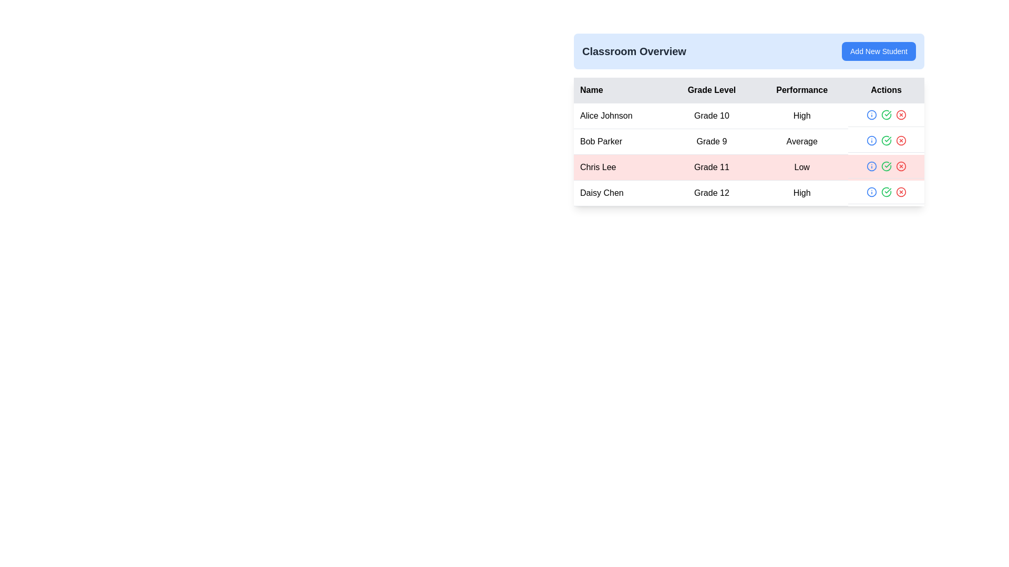  I want to click on the confirmation button in the 'Actions' column for the entry of 'Chris Lee', so click(886, 165).